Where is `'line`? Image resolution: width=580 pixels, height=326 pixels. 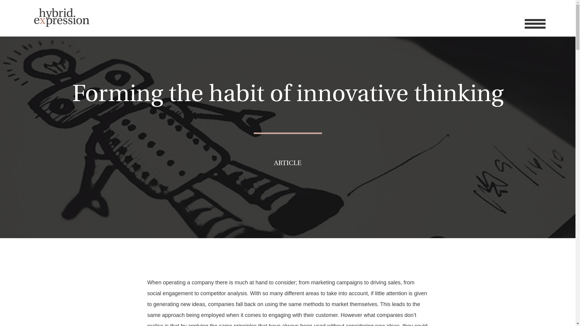 'line is located at coordinates (535, 23).